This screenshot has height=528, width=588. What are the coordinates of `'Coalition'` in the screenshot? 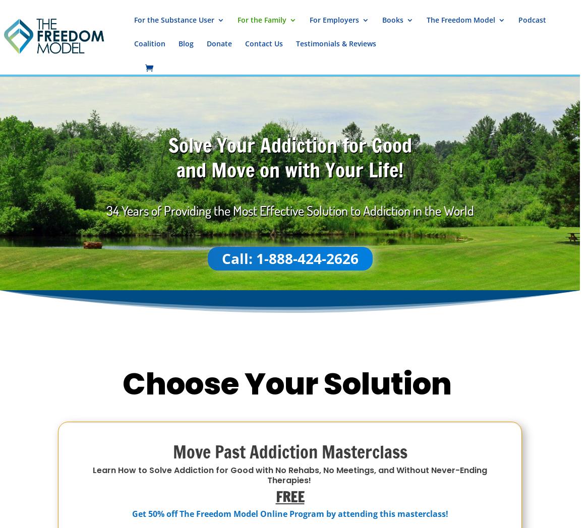 It's located at (149, 43).